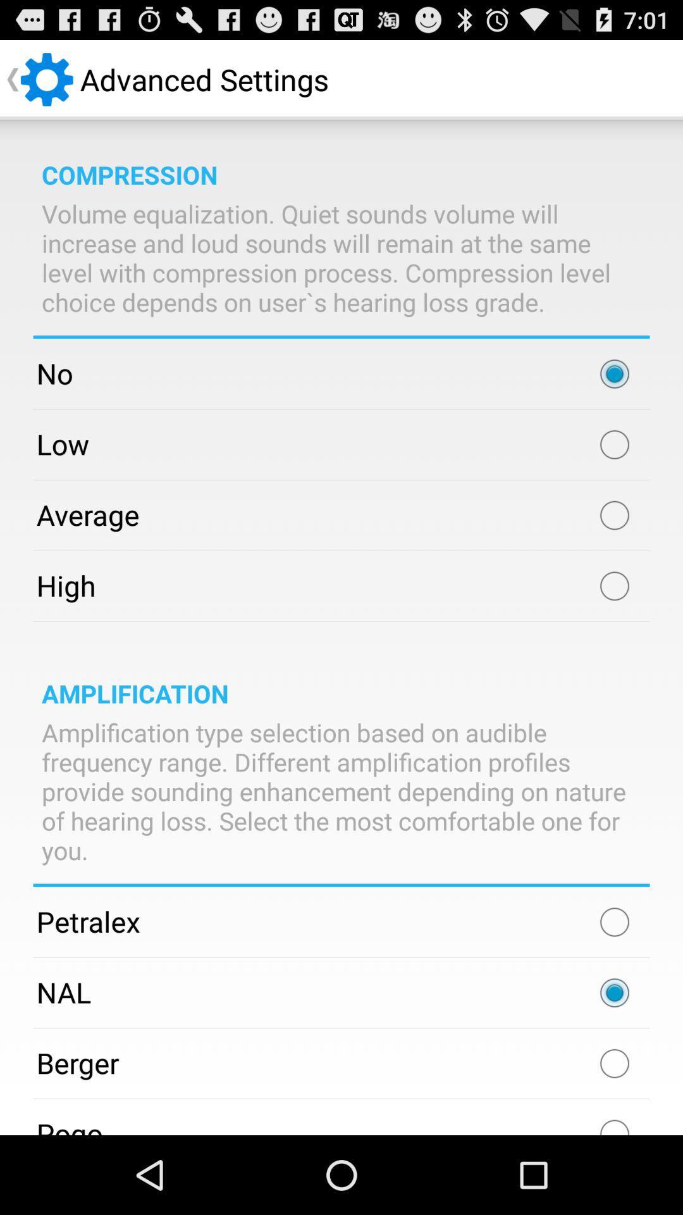  Describe the element at coordinates (614, 1121) in the screenshot. I see `item next to pogo app` at that location.